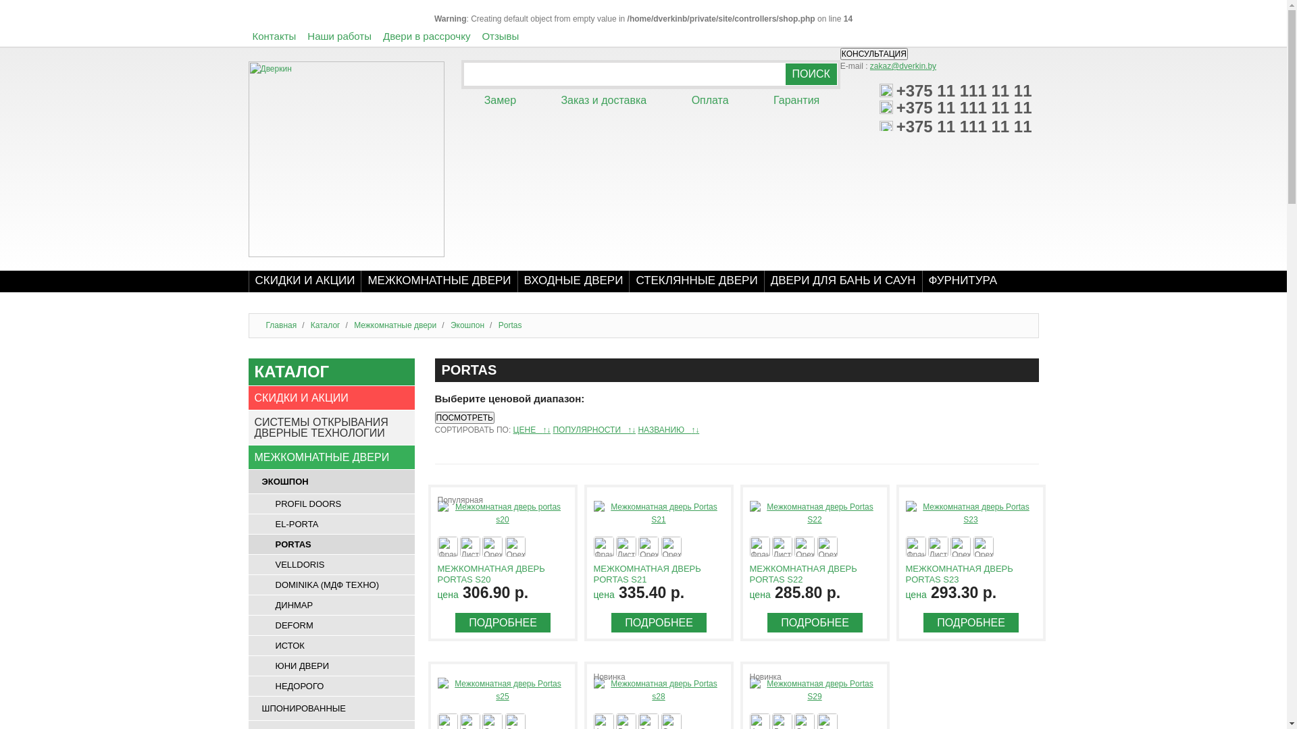 The width and height of the screenshot is (1297, 729). What do you see at coordinates (903, 65) in the screenshot?
I see `'zakaz@dverkin.by'` at bounding box center [903, 65].